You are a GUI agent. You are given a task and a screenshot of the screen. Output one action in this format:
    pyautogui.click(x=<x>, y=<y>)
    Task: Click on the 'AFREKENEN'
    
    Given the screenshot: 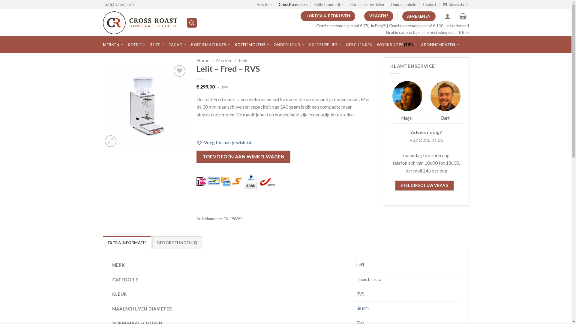 What is the action you would take?
    pyautogui.click(x=418, y=16)
    